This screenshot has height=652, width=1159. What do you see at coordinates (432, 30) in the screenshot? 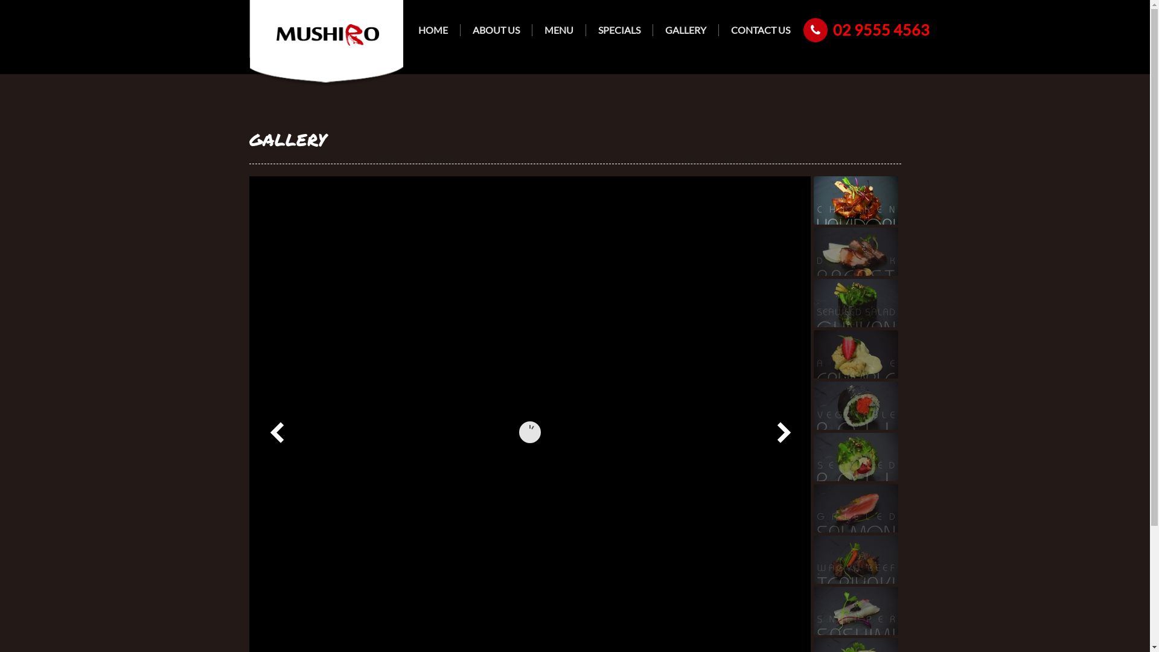
I see `'HOME'` at bounding box center [432, 30].